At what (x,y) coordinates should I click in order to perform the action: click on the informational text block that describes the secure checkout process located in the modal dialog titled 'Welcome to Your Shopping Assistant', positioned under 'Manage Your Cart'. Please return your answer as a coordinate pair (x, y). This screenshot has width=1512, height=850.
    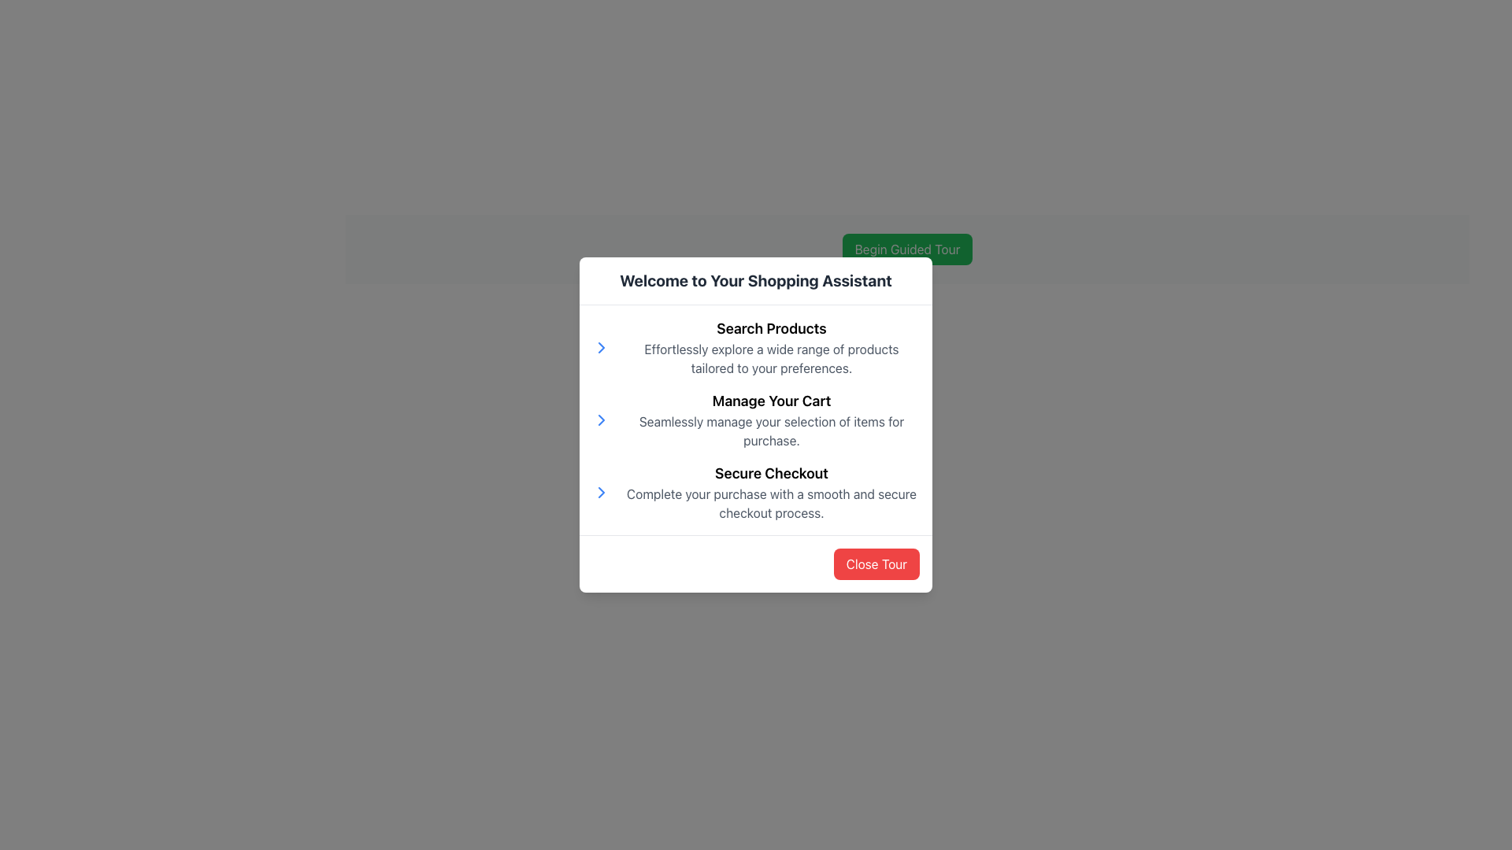
    Looking at the image, I should click on (771, 491).